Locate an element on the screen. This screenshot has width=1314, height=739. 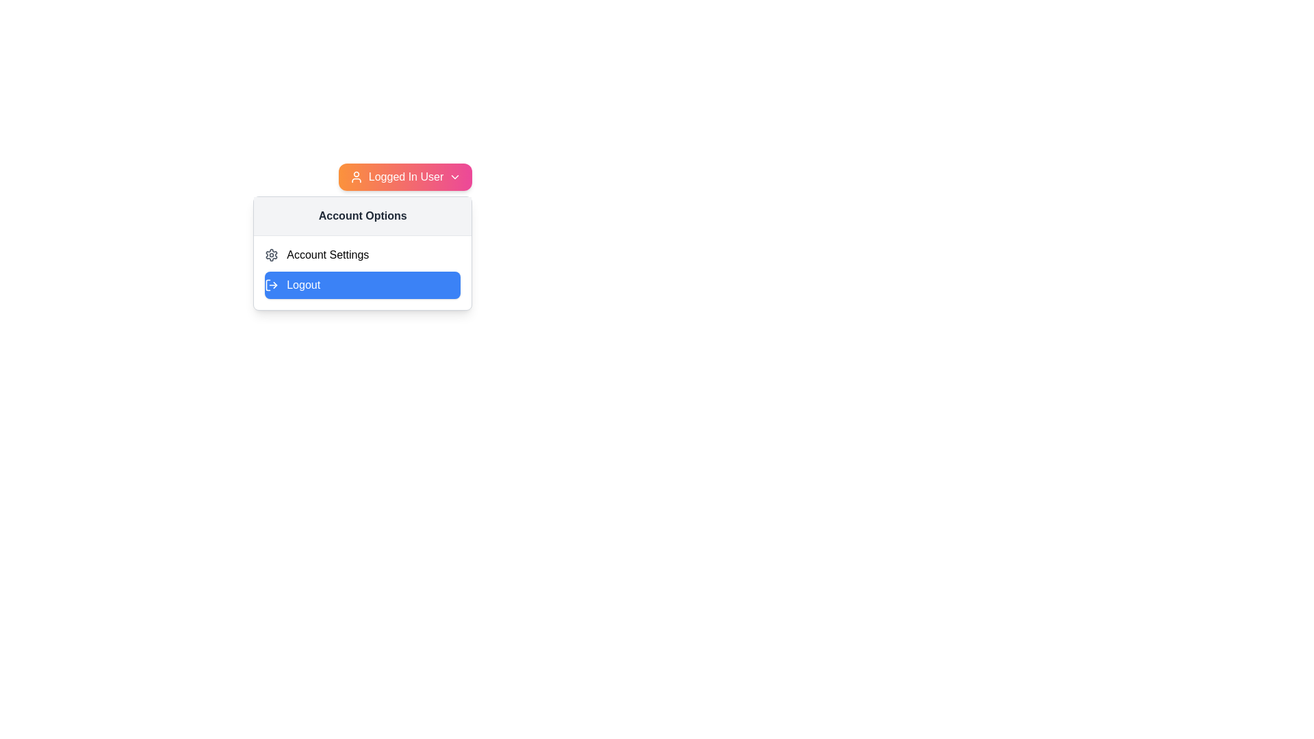
the Dropdown button with a gradient background and user icon labeled 'Logged In User' is located at coordinates (404, 176).